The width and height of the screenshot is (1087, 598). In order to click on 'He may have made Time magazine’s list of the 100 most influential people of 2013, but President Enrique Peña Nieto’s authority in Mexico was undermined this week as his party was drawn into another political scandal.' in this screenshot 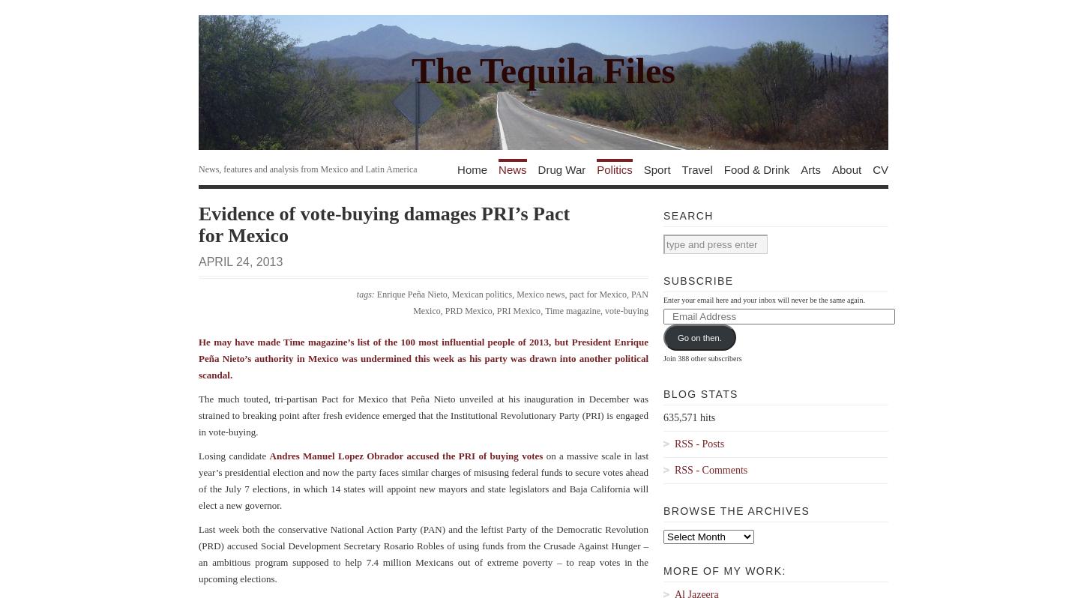, I will do `click(199, 357)`.